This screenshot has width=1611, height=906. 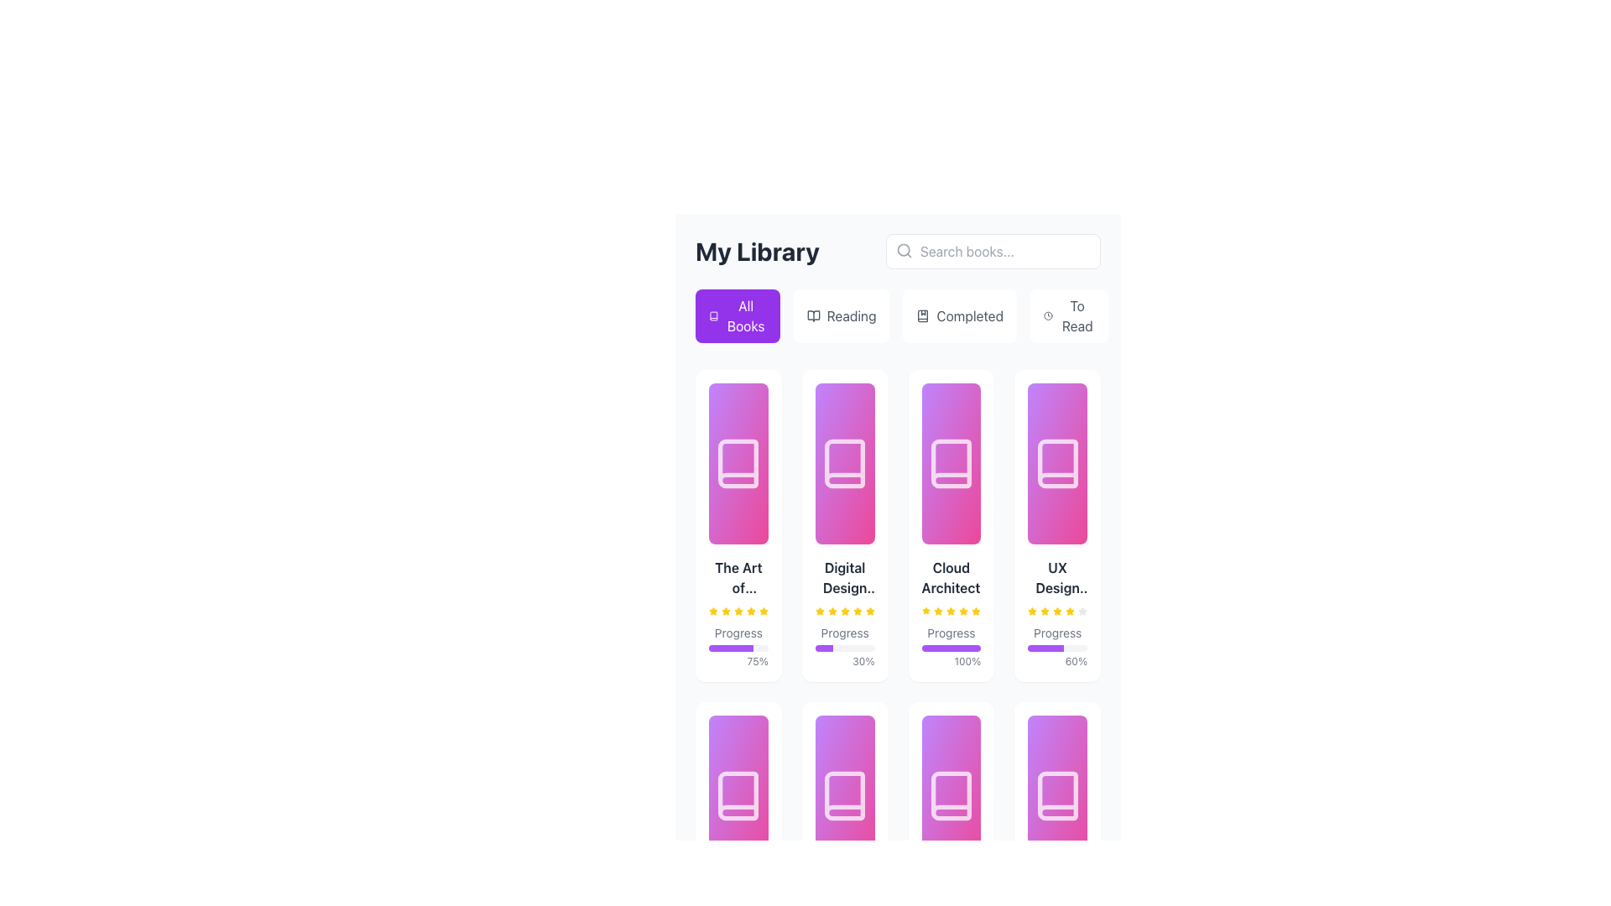 I want to click on the third star icon in the rating control for the 'Cloud Architect' card, which visually indicates the rating status, so click(x=937, y=611).